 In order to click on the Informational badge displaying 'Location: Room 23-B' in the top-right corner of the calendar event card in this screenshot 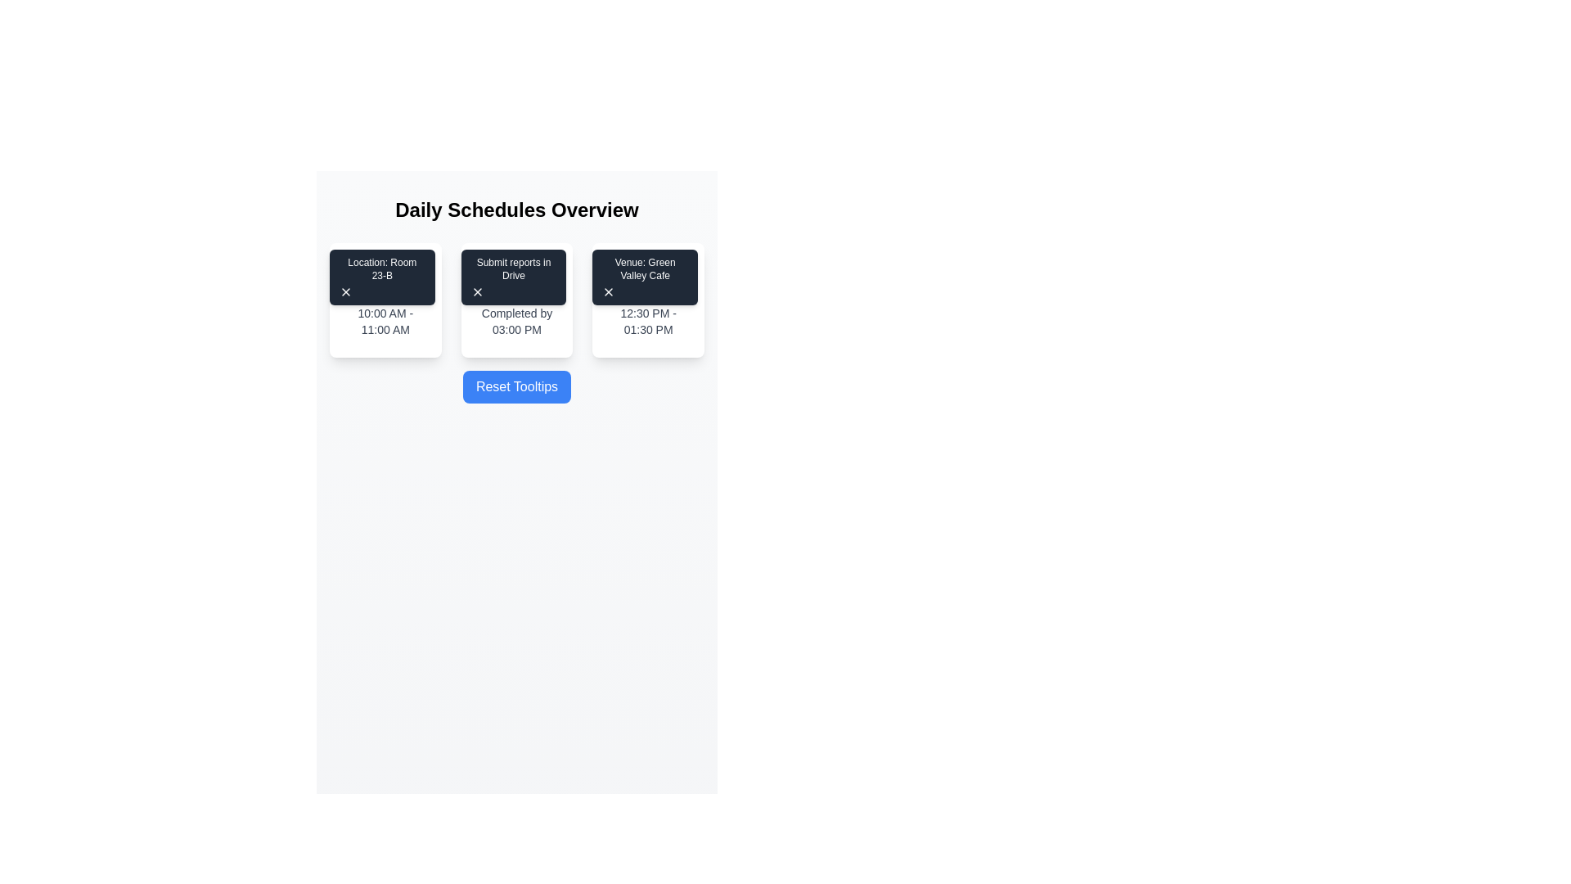, I will do `click(381, 277)`.